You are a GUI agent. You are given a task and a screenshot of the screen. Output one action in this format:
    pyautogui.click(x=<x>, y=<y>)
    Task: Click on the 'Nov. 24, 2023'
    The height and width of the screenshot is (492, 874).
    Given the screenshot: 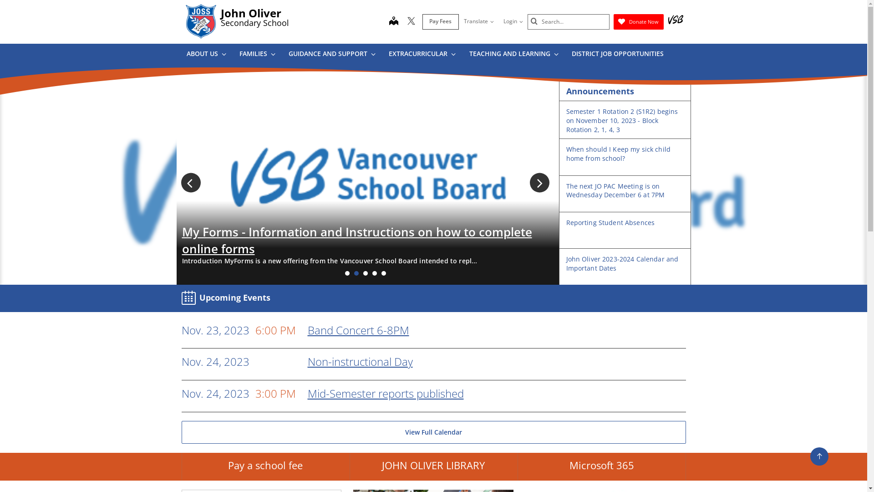 What is the action you would take?
    pyautogui.click(x=181, y=393)
    